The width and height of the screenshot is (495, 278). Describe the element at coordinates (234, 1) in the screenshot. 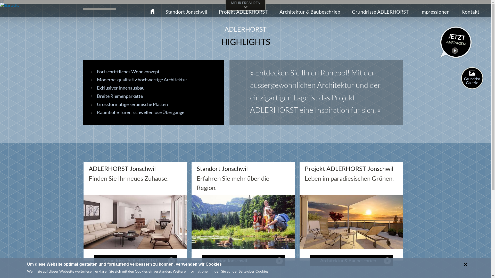

I see `'Direkt zum Inhalt'` at that location.